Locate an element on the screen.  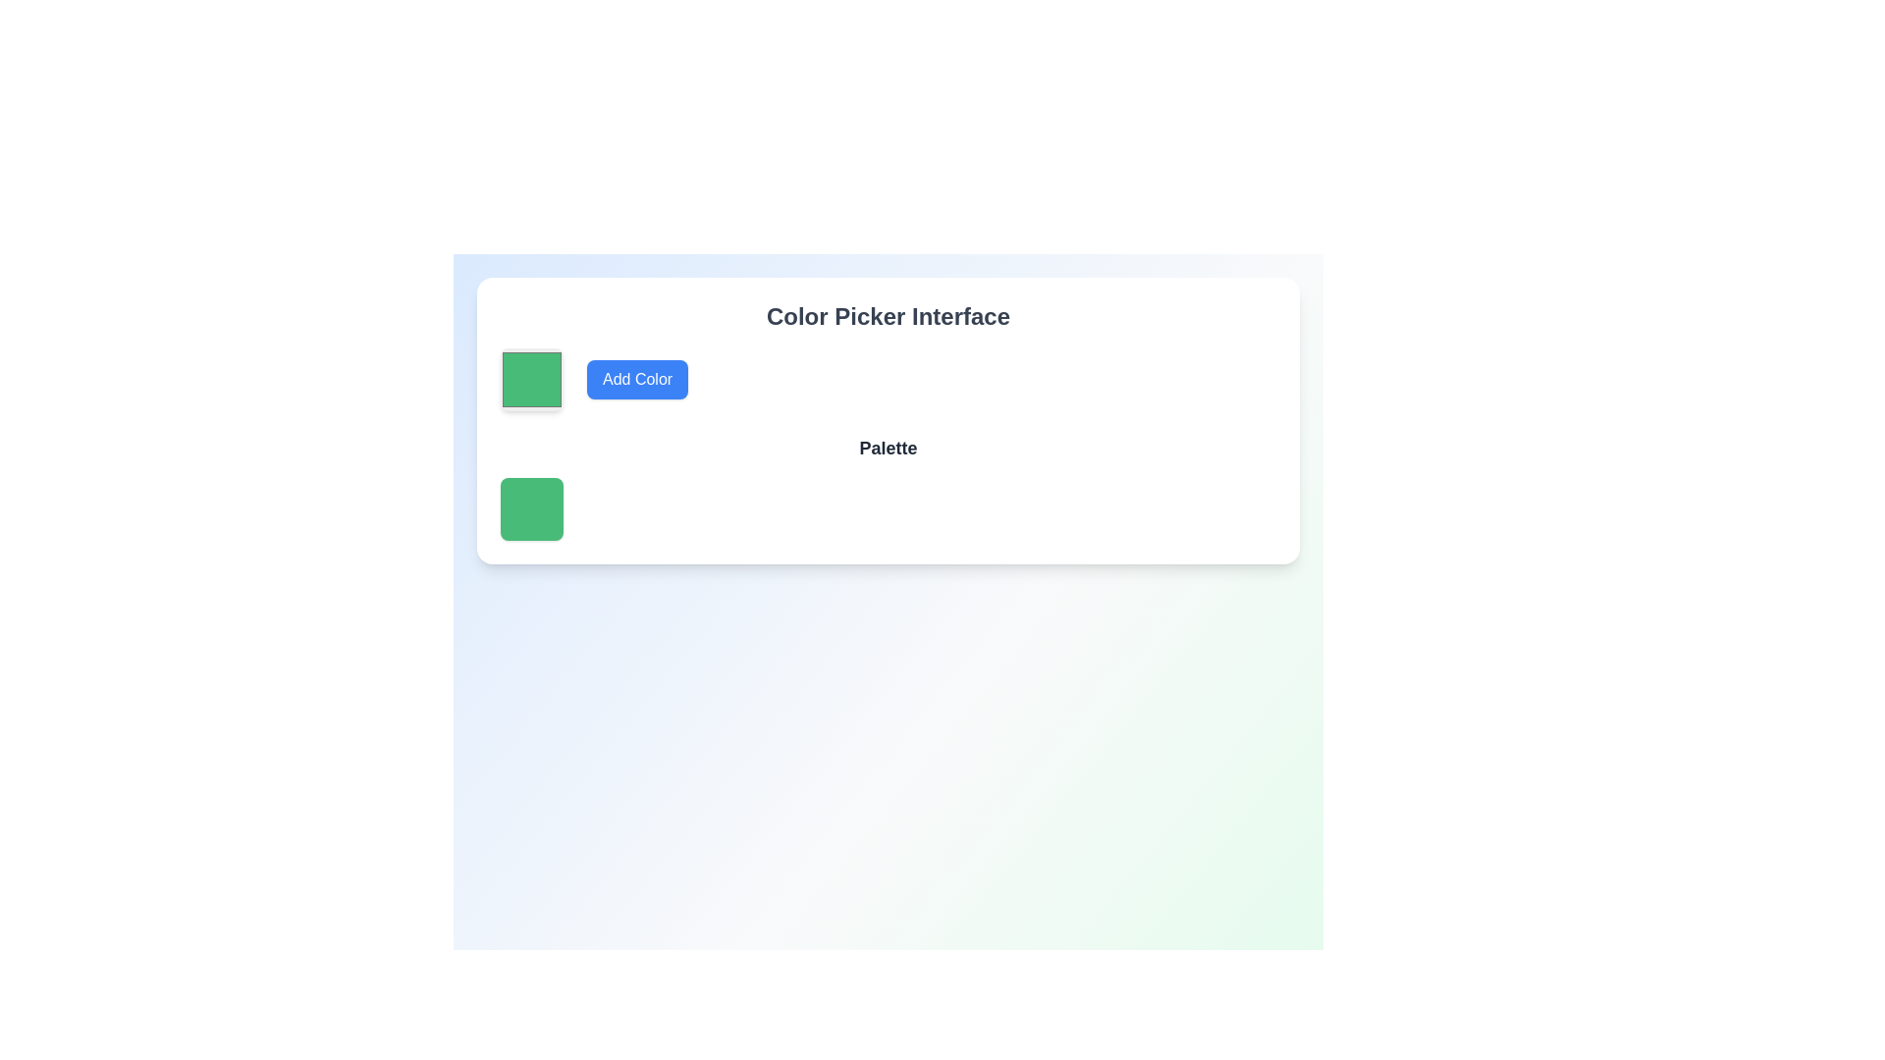
bold text label displaying 'Palette' that is horizontally centered above the color swatches in the section is located at coordinates (888, 448).